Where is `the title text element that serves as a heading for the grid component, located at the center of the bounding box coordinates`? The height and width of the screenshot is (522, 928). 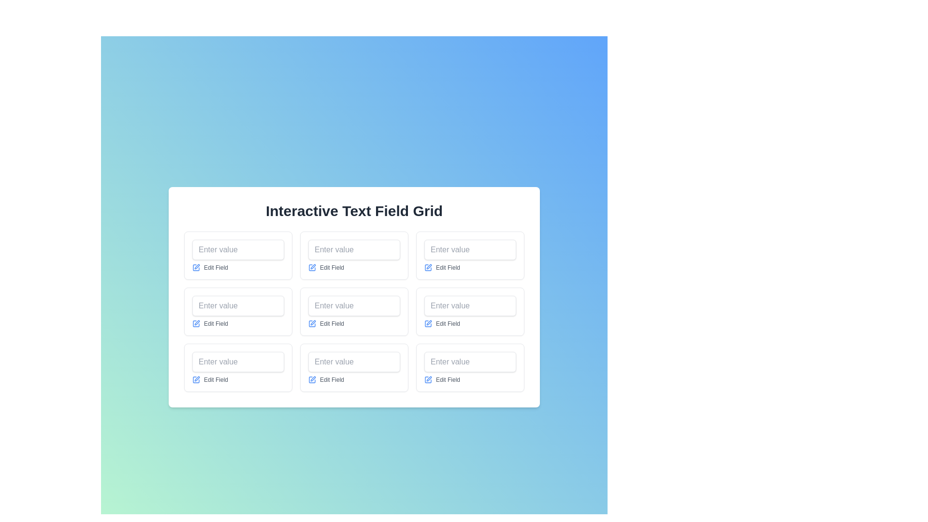 the title text element that serves as a heading for the grid component, located at the center of the bounding box coordinates is located at coordinates (354, 210).